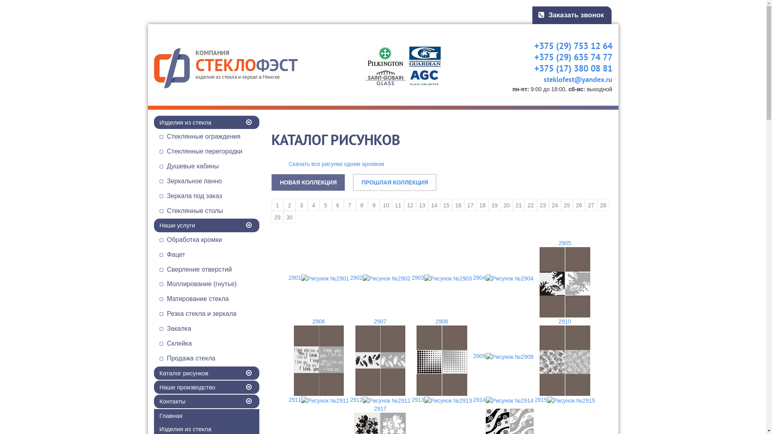 This screenshot has width=772, height=434. I want to click on '2915', so click(564, 400).